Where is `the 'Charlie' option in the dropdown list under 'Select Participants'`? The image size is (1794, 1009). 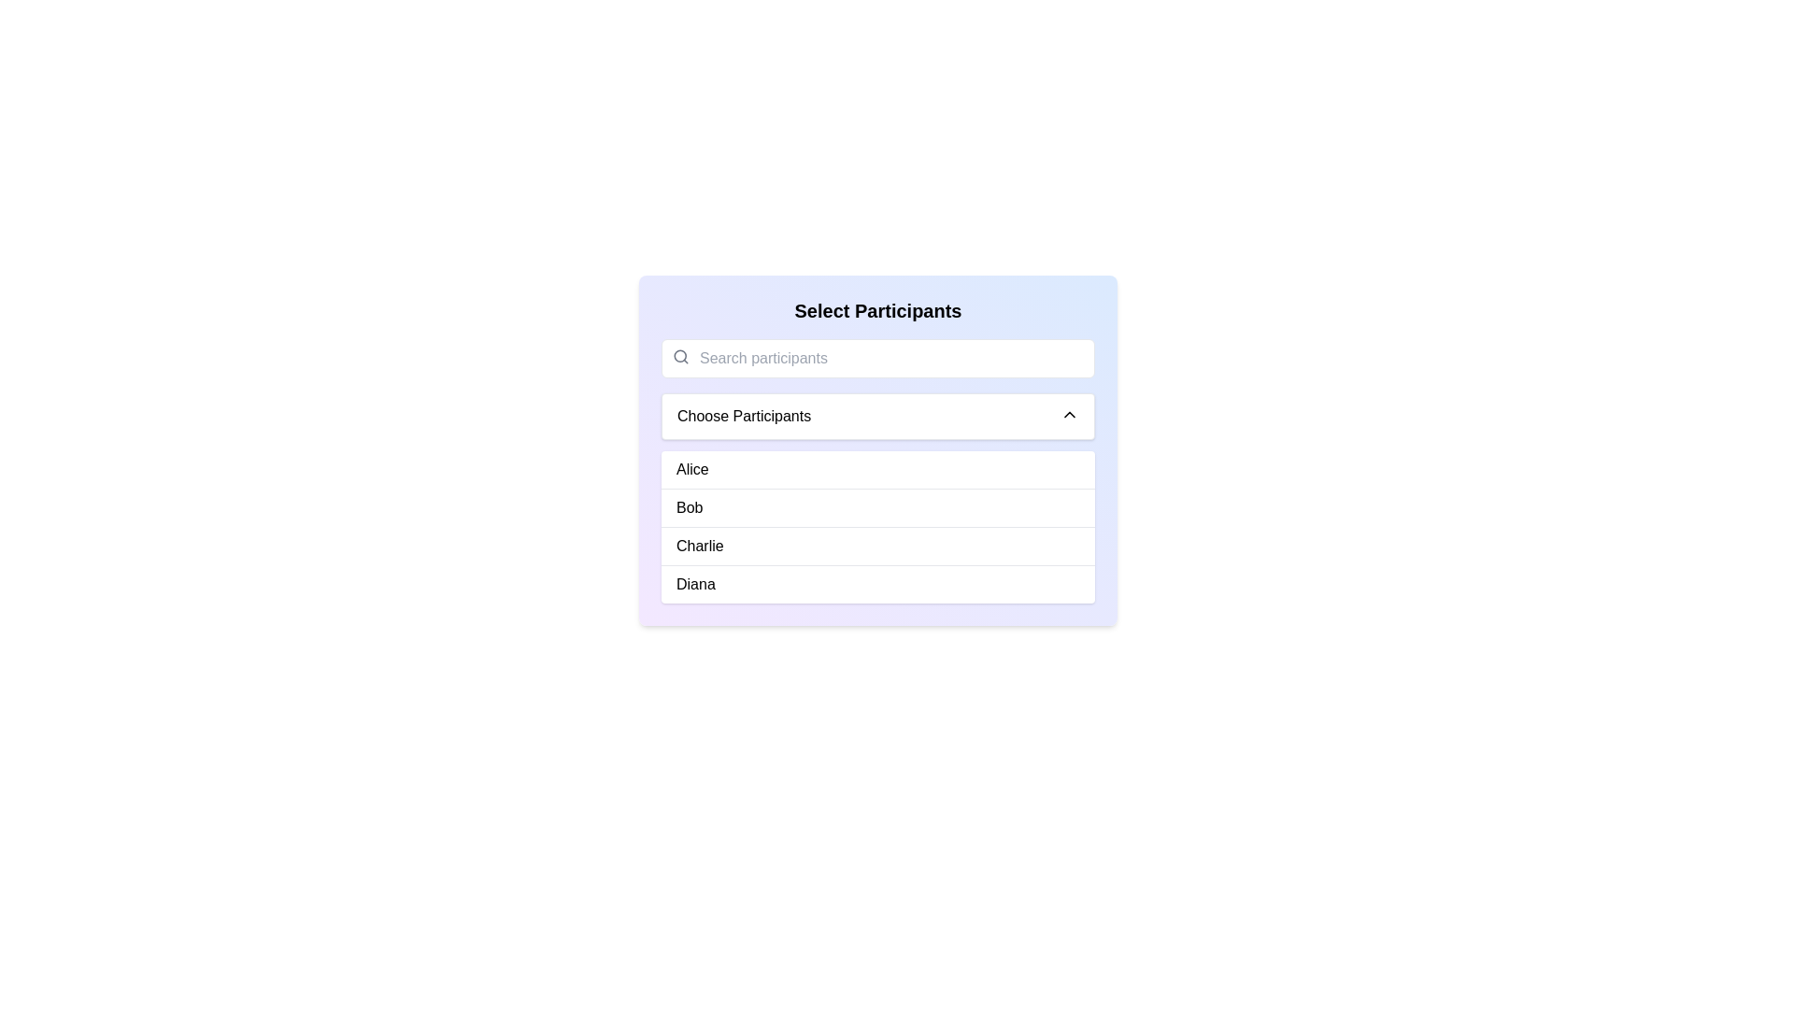
the 'Charlie' option in the dropdown list under 'Select Participants' is located at coordinates (699, 547).